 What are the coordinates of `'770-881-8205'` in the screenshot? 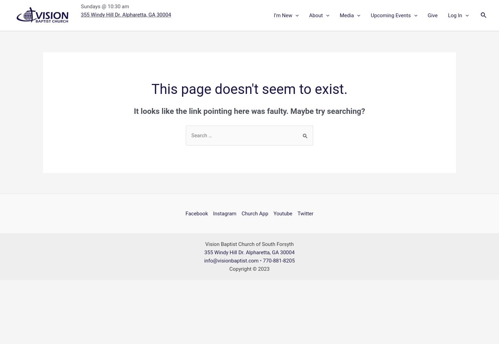 It's located at (278, 260).